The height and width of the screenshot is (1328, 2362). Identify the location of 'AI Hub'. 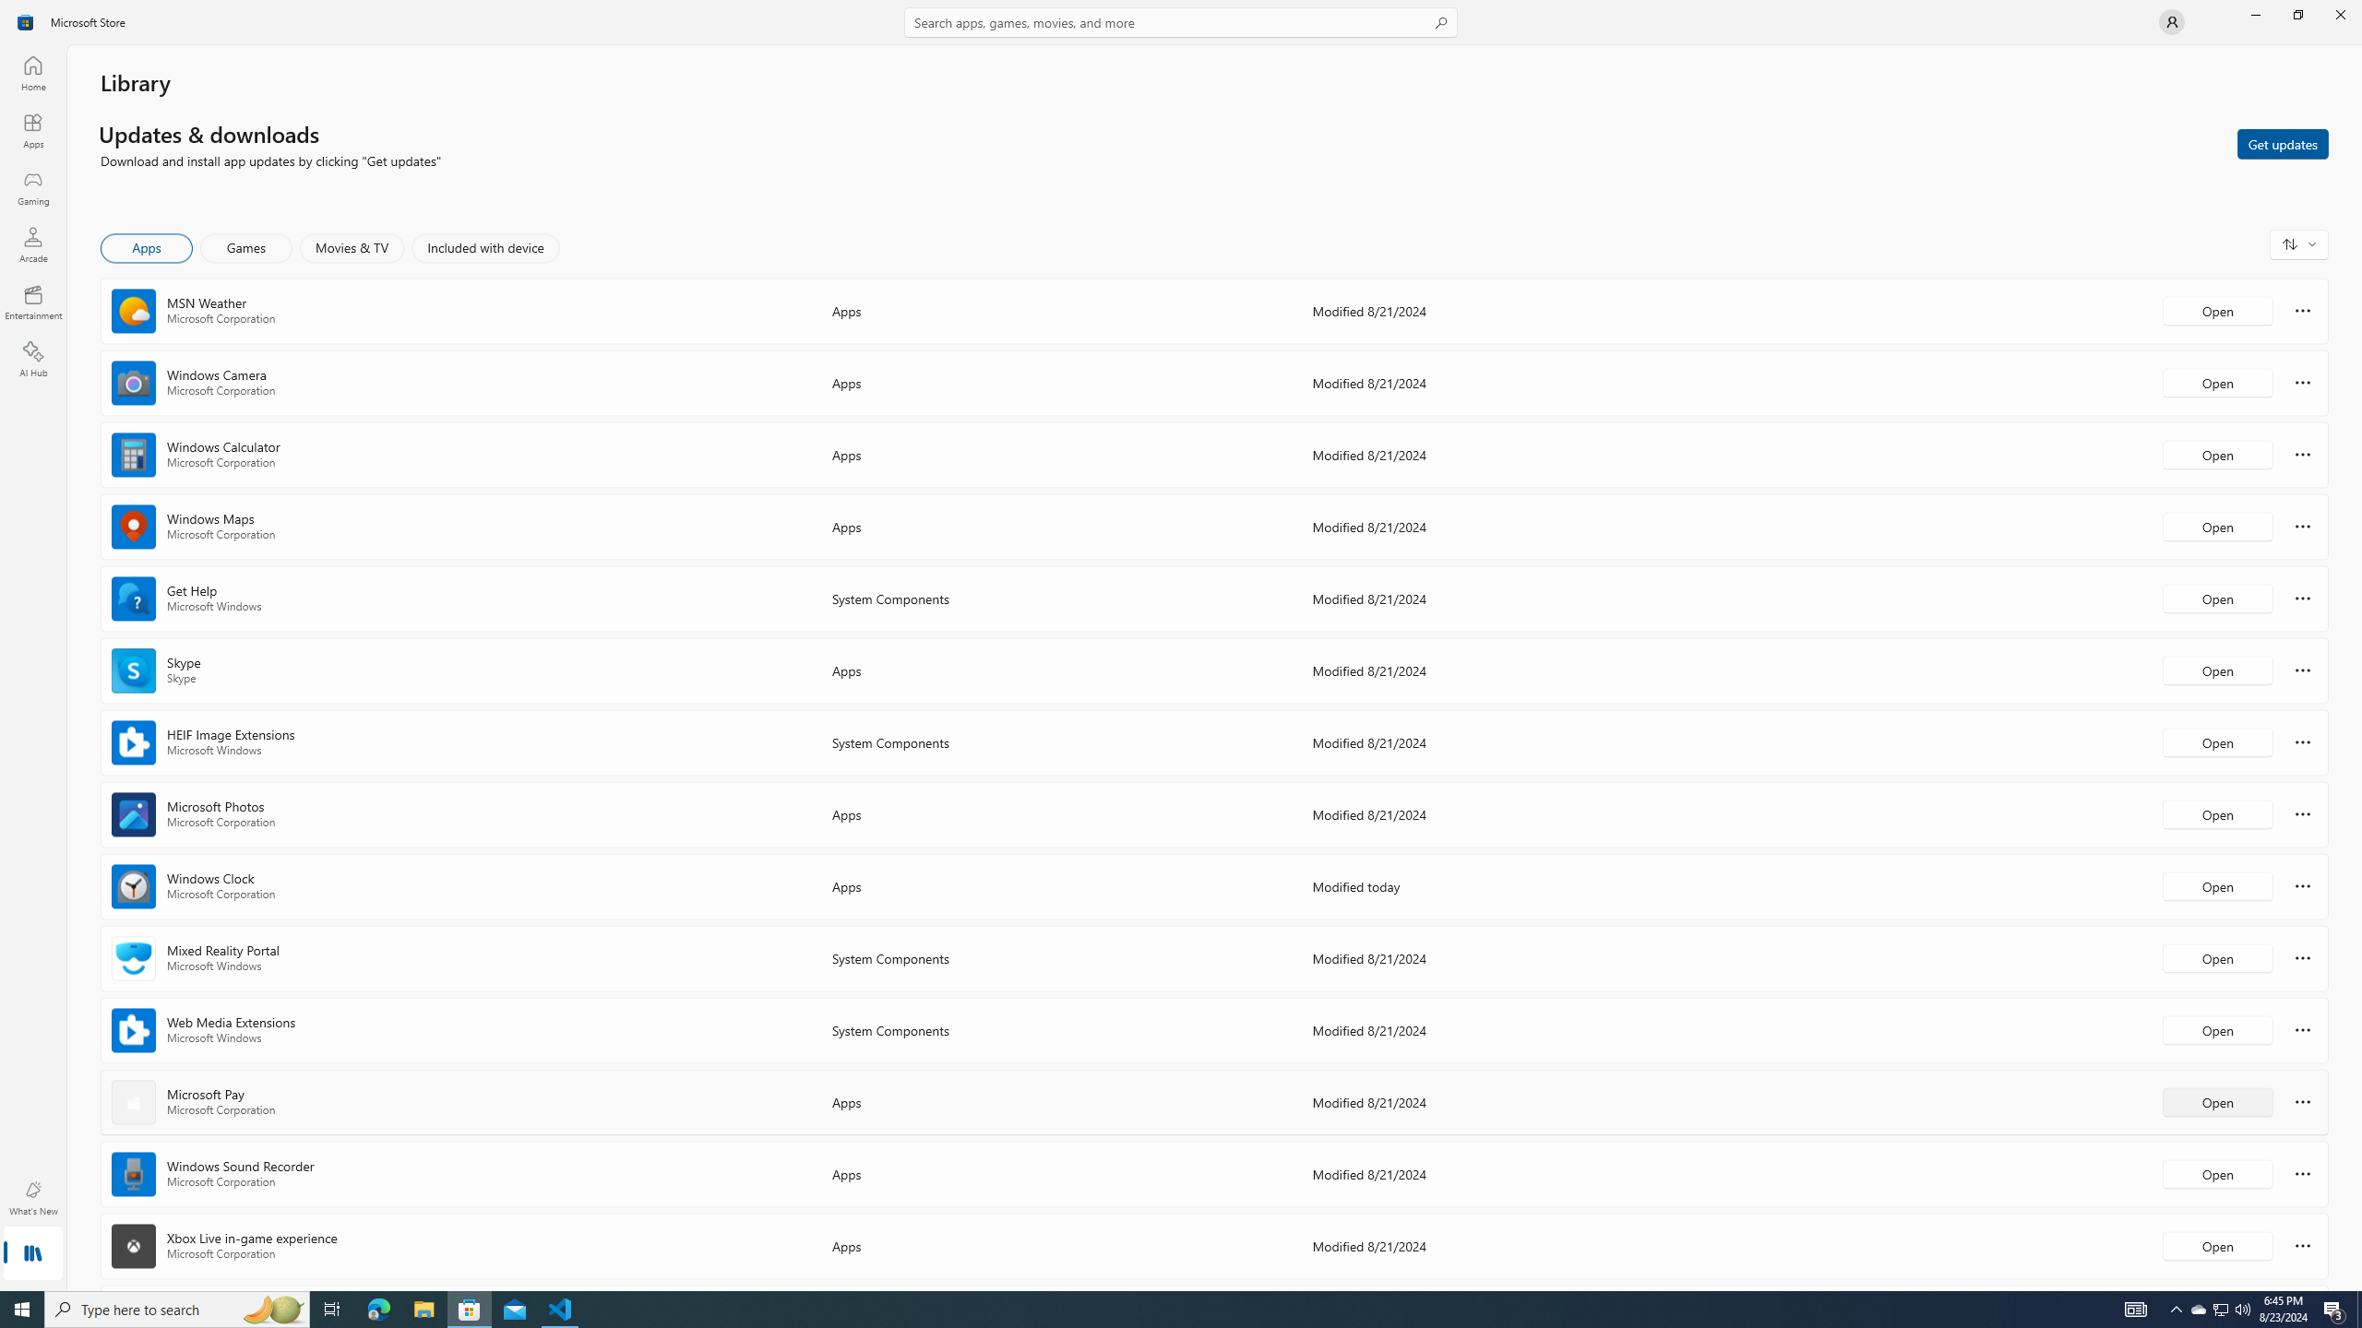
(31, 358).